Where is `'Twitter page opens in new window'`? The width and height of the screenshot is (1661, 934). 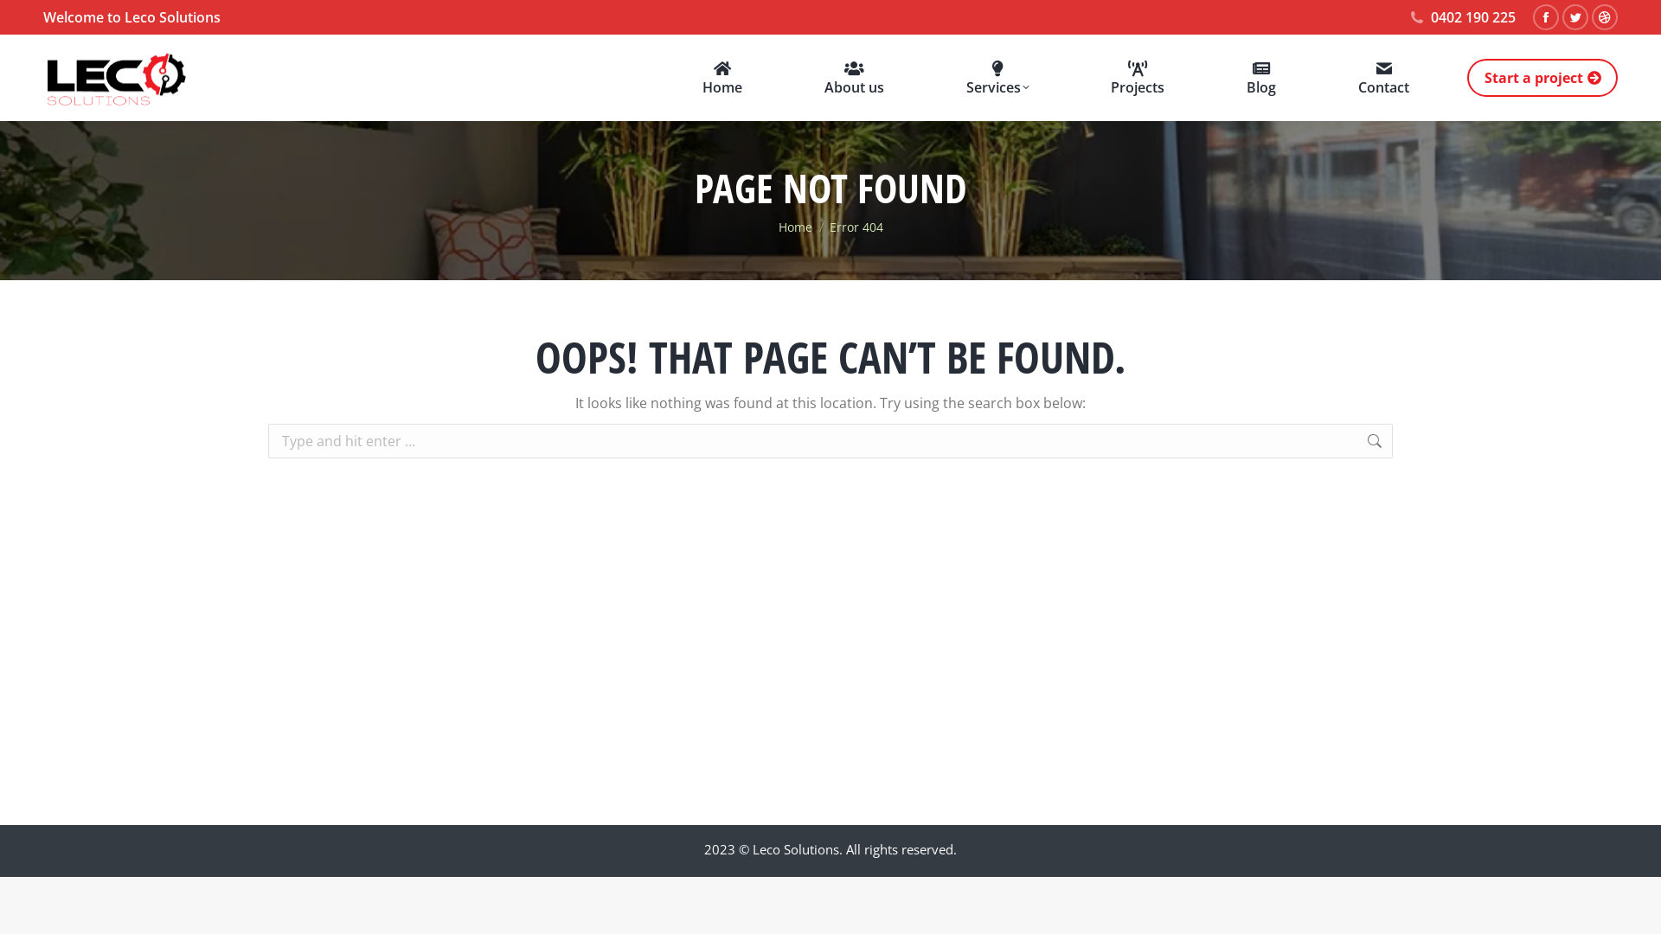 'Twitter page opens in new window' is located at coordinates (1574, 16).